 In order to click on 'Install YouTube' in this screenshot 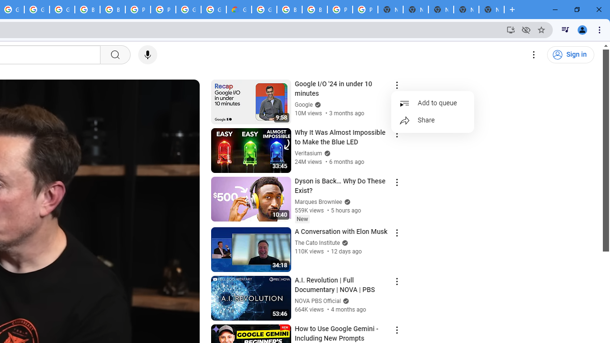, I will do `click(510, 29)`.